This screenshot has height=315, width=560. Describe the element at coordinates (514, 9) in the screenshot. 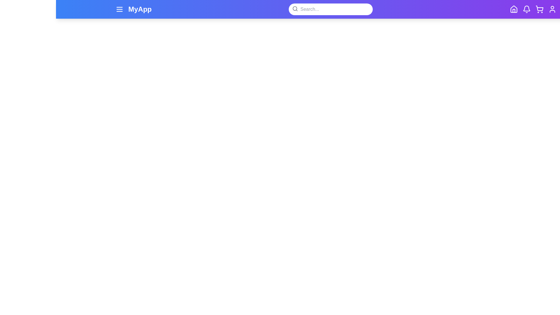

I see `the icon with the specified name: home` at that location.